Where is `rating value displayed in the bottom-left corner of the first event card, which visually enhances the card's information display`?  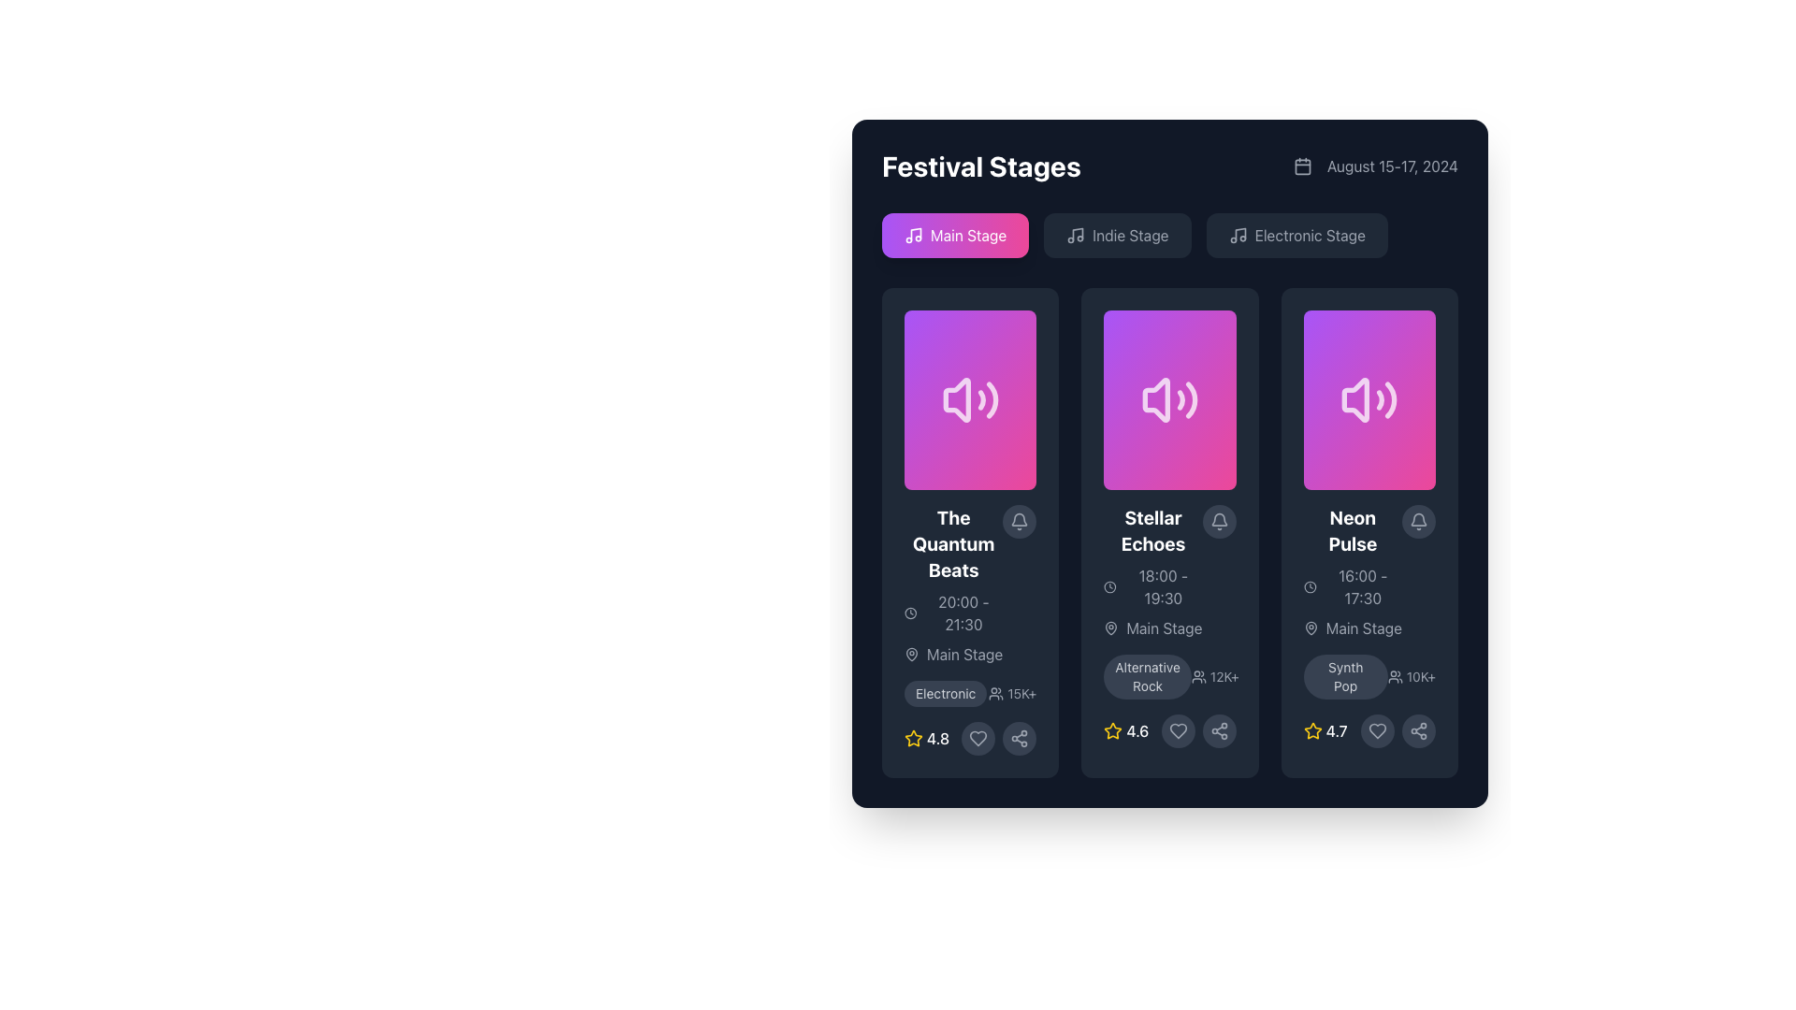
rating value displayed in the bottom-left corner of the first event card, which visually enhances the card's information display is located at coordinates (927, 738).